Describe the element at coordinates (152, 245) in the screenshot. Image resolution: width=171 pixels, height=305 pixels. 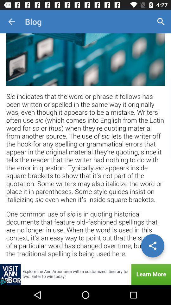
I see `share options` at that location.